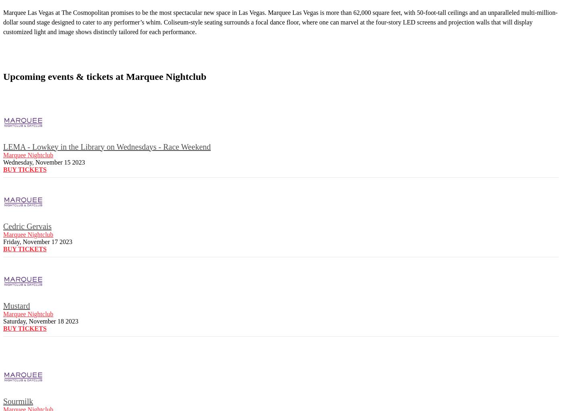 This screenshot has height=411, width=562. What do you see at coordinates (41, 321) in the screenshot?
I see `'Saturday, November 18 2023'` at bounding box center [41, 321].